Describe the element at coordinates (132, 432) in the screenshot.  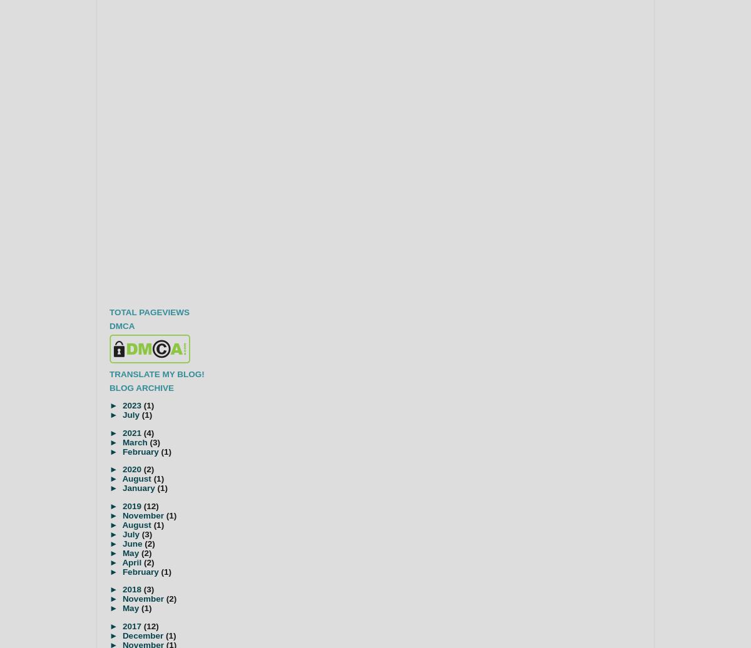
I see `'2021'` at that location.